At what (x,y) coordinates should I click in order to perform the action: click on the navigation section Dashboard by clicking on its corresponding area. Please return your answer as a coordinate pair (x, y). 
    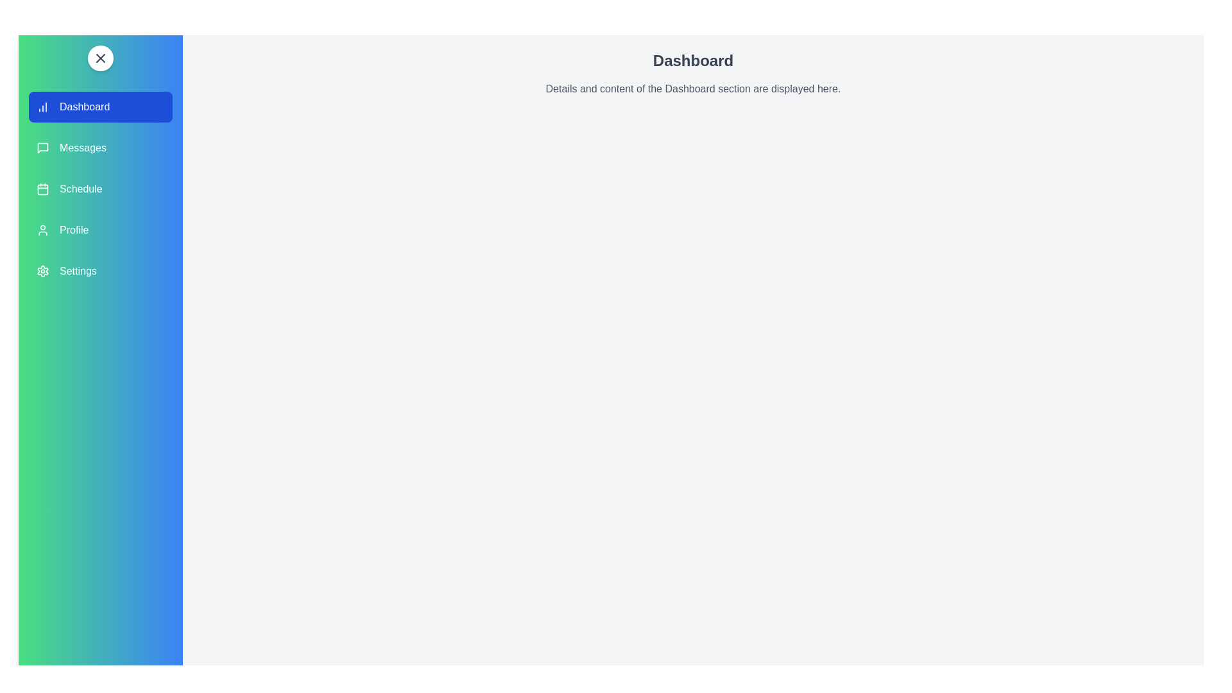
    Looking at the image, I should click on (100, 106).